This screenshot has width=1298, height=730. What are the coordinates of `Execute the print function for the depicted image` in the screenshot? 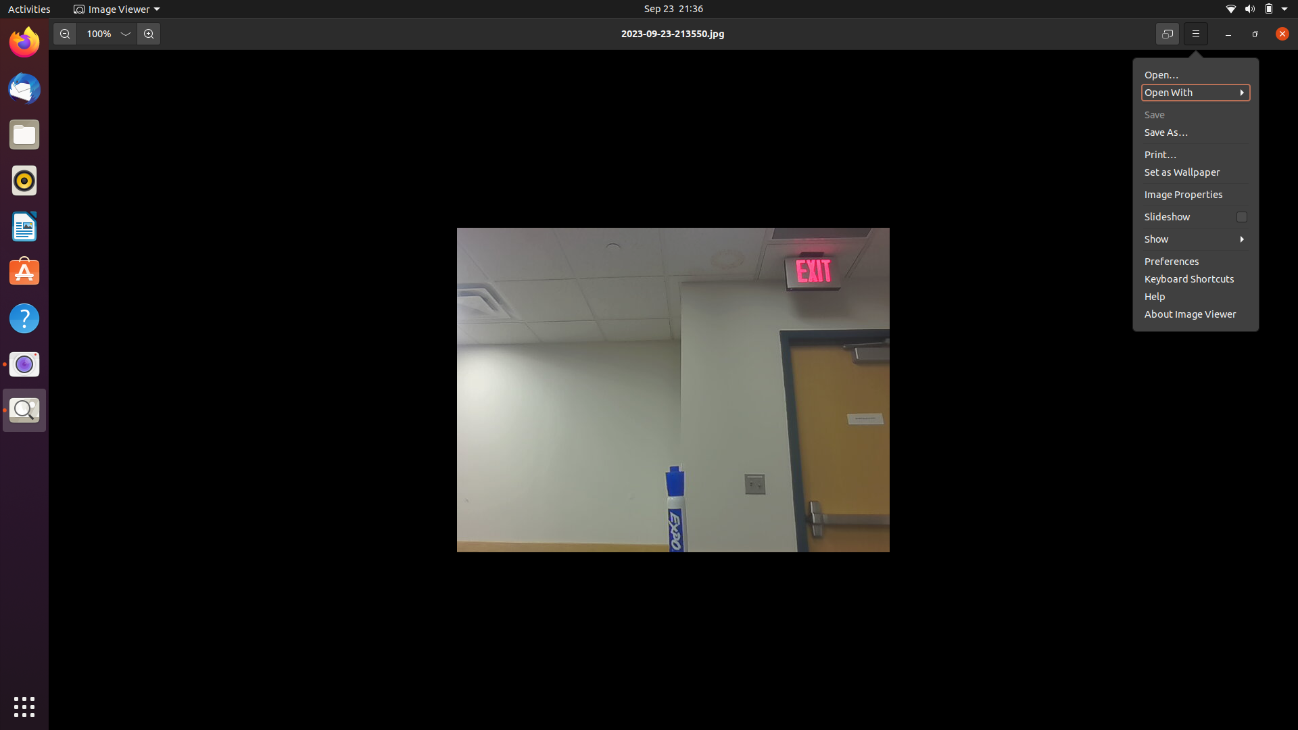 It's located at (1193, 130).